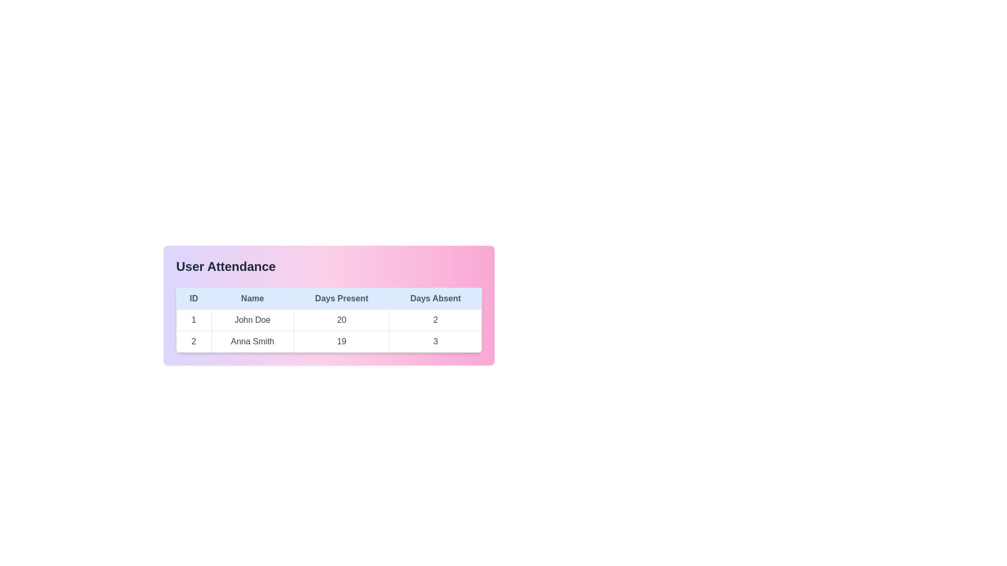 This screenshot has width=1007, height=566. I want to click on text content of the 'ID' column header cell, which is the first cell in the header row of the table, located to the left of the 'Name' header cell, so click(194, 299).